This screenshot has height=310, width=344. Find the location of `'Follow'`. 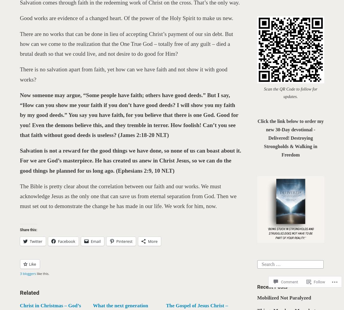

'Follow' is located at coordinates (319, 281).